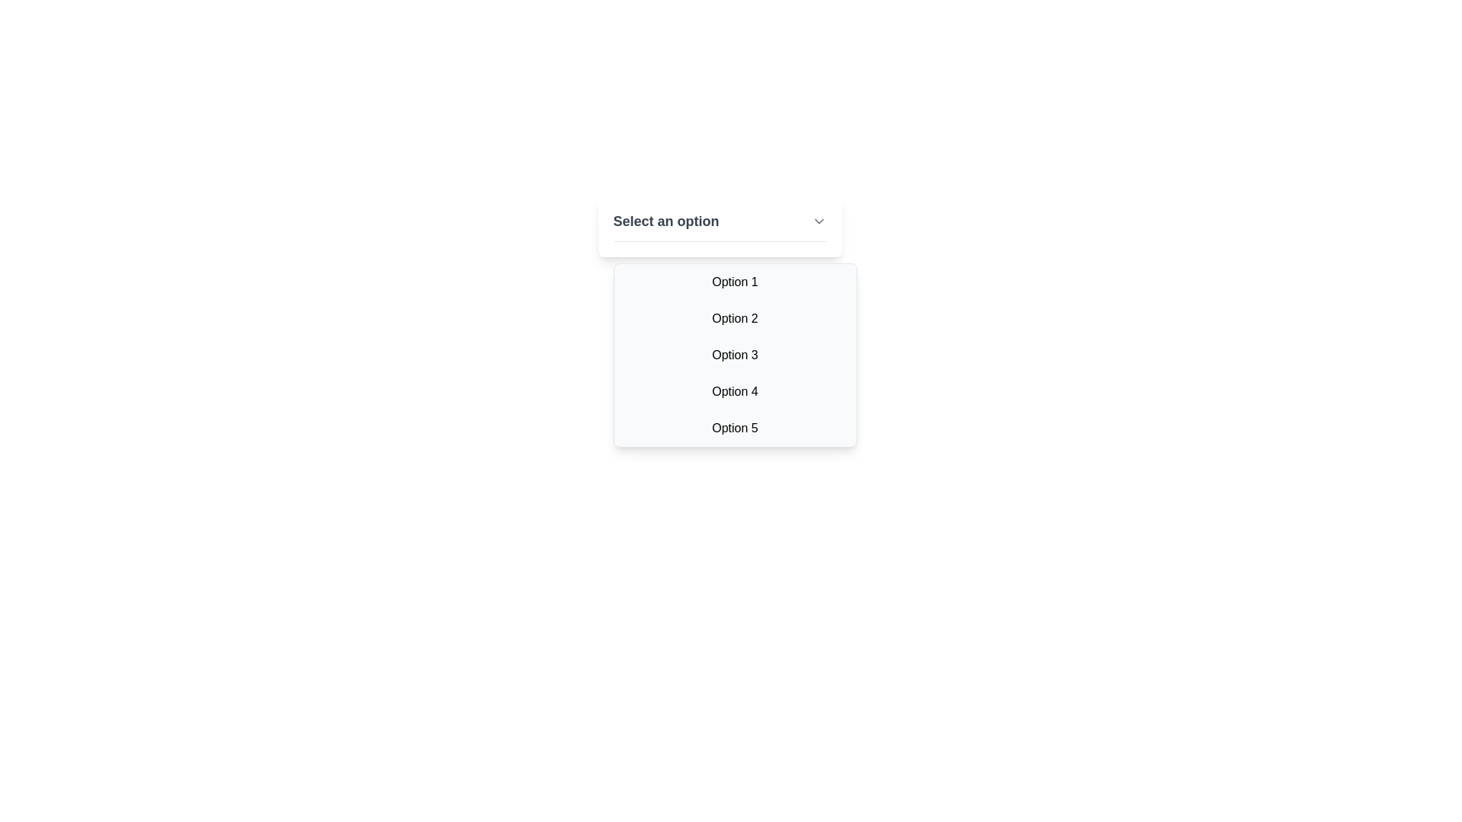 The image size is (1462, 822). Describe the element at coordinates (735, 355) in the screenshot. I see `the text label reading 'Option 3' in the dropdown menu` at that location.